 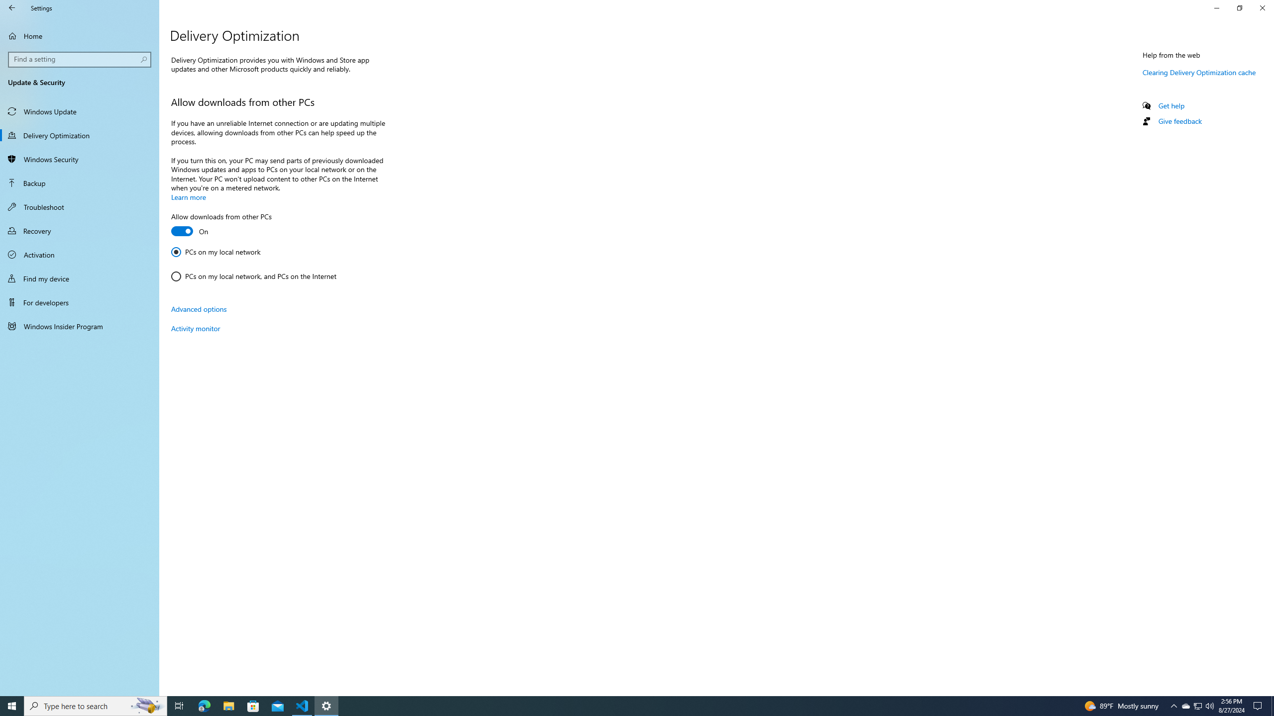 I want to click on 'PCs on my local network', so click(x=215, y=251).